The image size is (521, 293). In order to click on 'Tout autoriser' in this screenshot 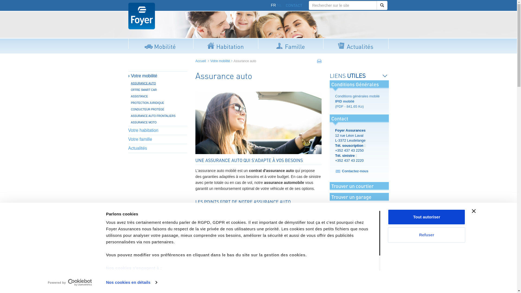, I will do `click(387, 216)`.